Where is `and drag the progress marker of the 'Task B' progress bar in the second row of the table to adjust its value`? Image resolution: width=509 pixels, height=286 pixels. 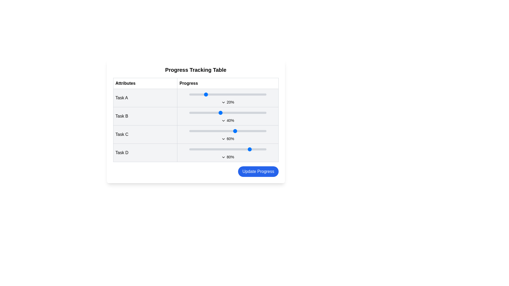
and drag the progress marker of the 'Task B' progress bar in the second row of the table to adjust its value is located at coordinates (195, 116).